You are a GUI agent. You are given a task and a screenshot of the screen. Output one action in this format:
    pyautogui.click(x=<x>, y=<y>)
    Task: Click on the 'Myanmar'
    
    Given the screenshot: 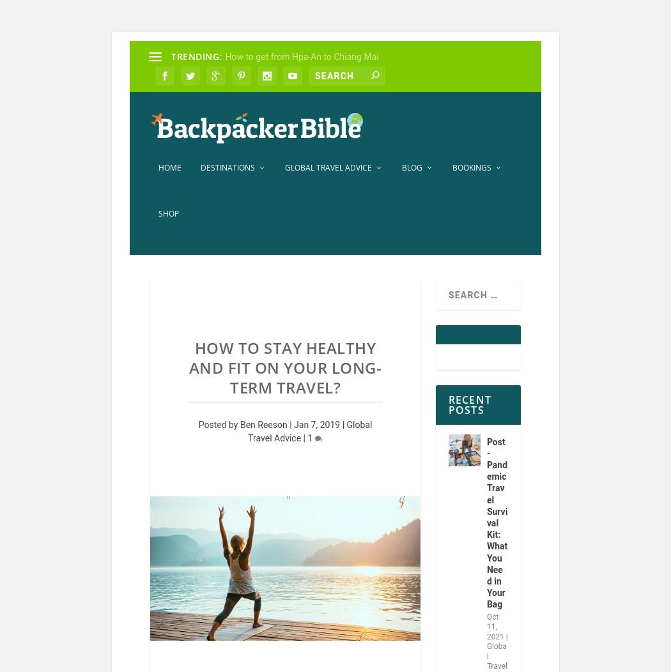 What is the action you would take?
    pyautogui.click(x=270, y=454)
    